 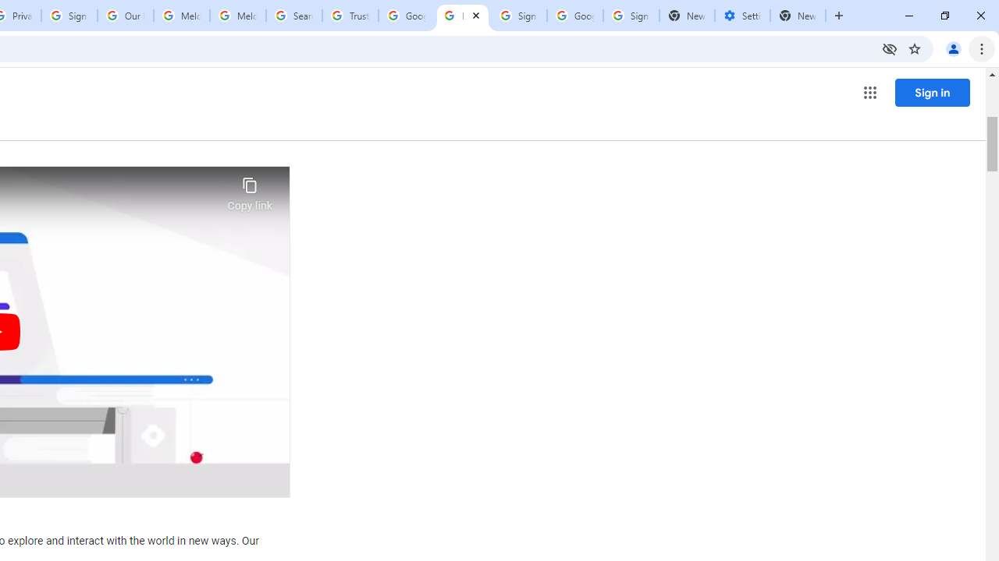 I want to click on 'Google Ads - Sign in', so click(x=406, y=16).